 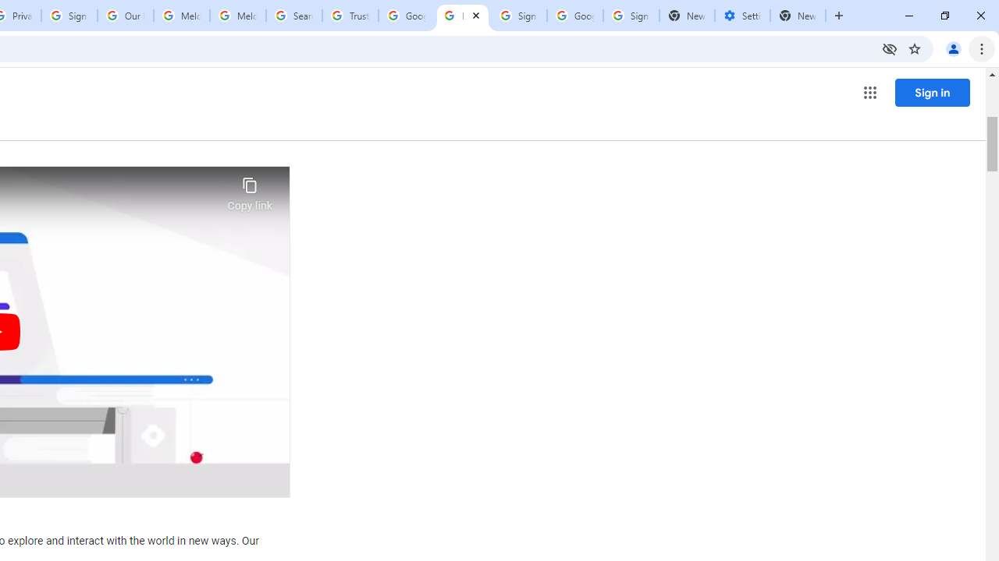 I want to click on 'Google Ads - Sign in', so click(x=406, y=16).